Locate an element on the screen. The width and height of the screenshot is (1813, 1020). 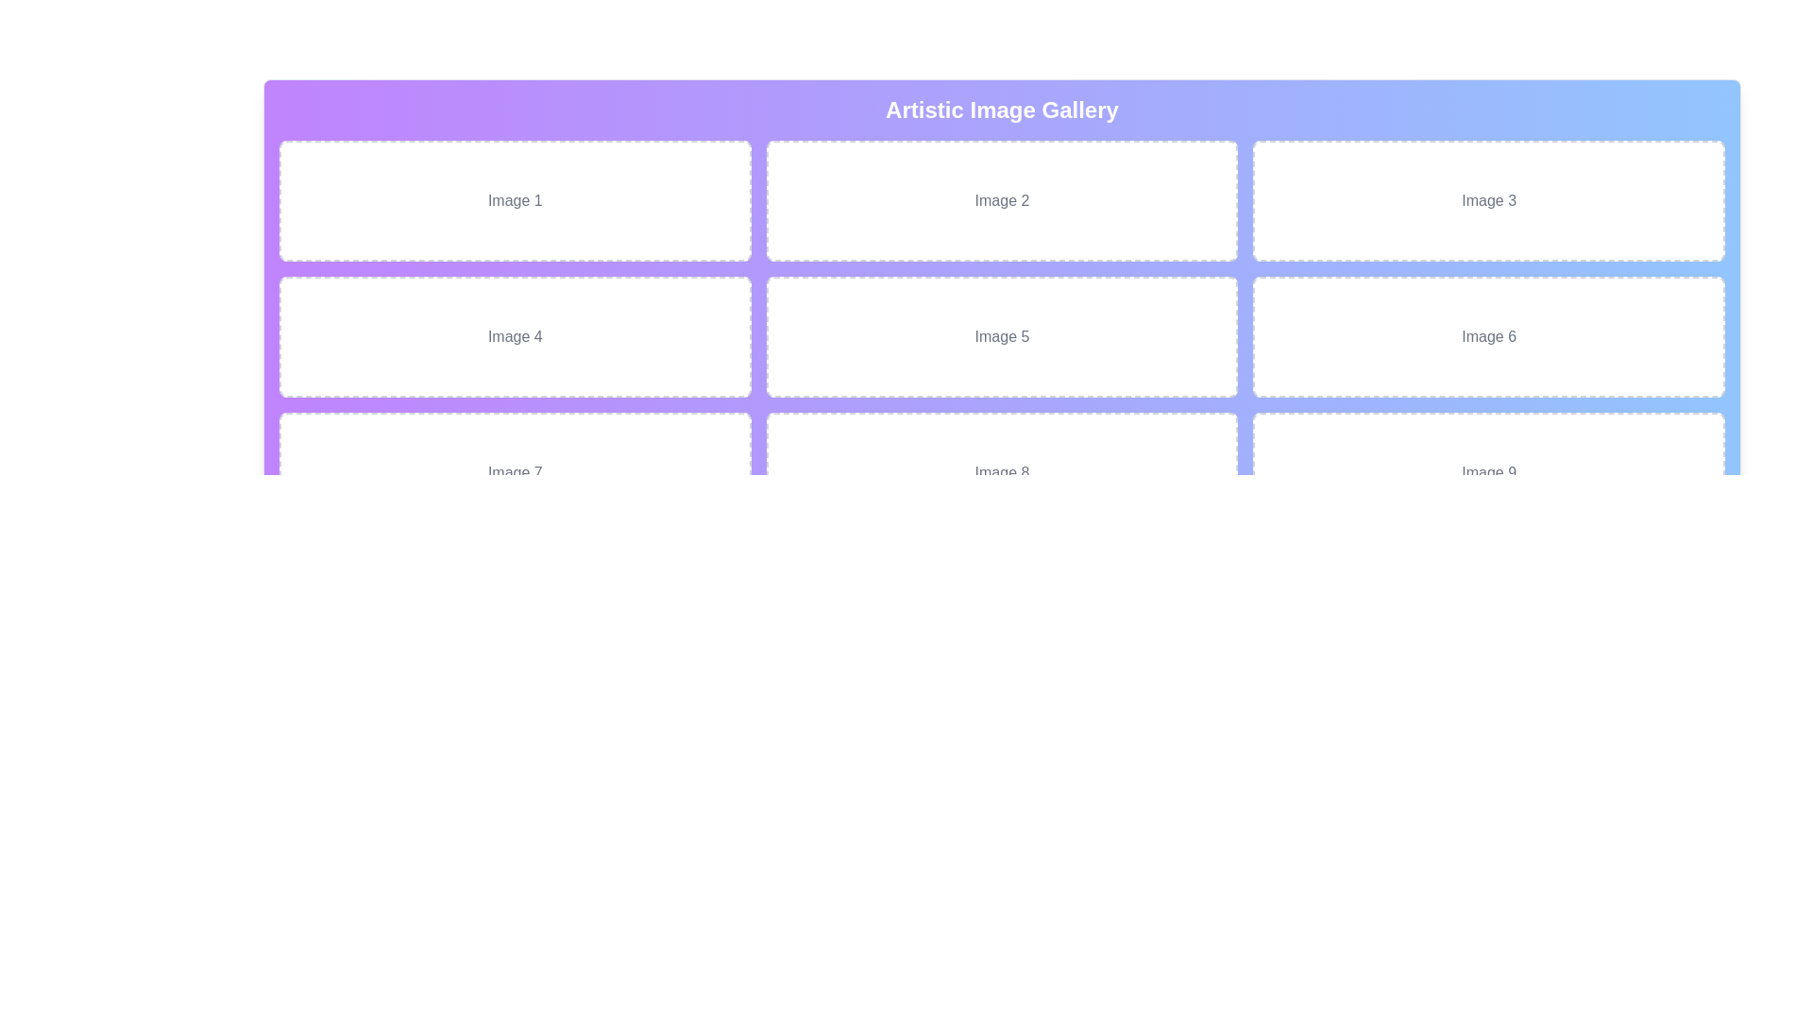
the static content placeholder that has a white background, gray dashed outline, and contains the centered gray text 'Image 2' is located at coordinates (1001, 200).